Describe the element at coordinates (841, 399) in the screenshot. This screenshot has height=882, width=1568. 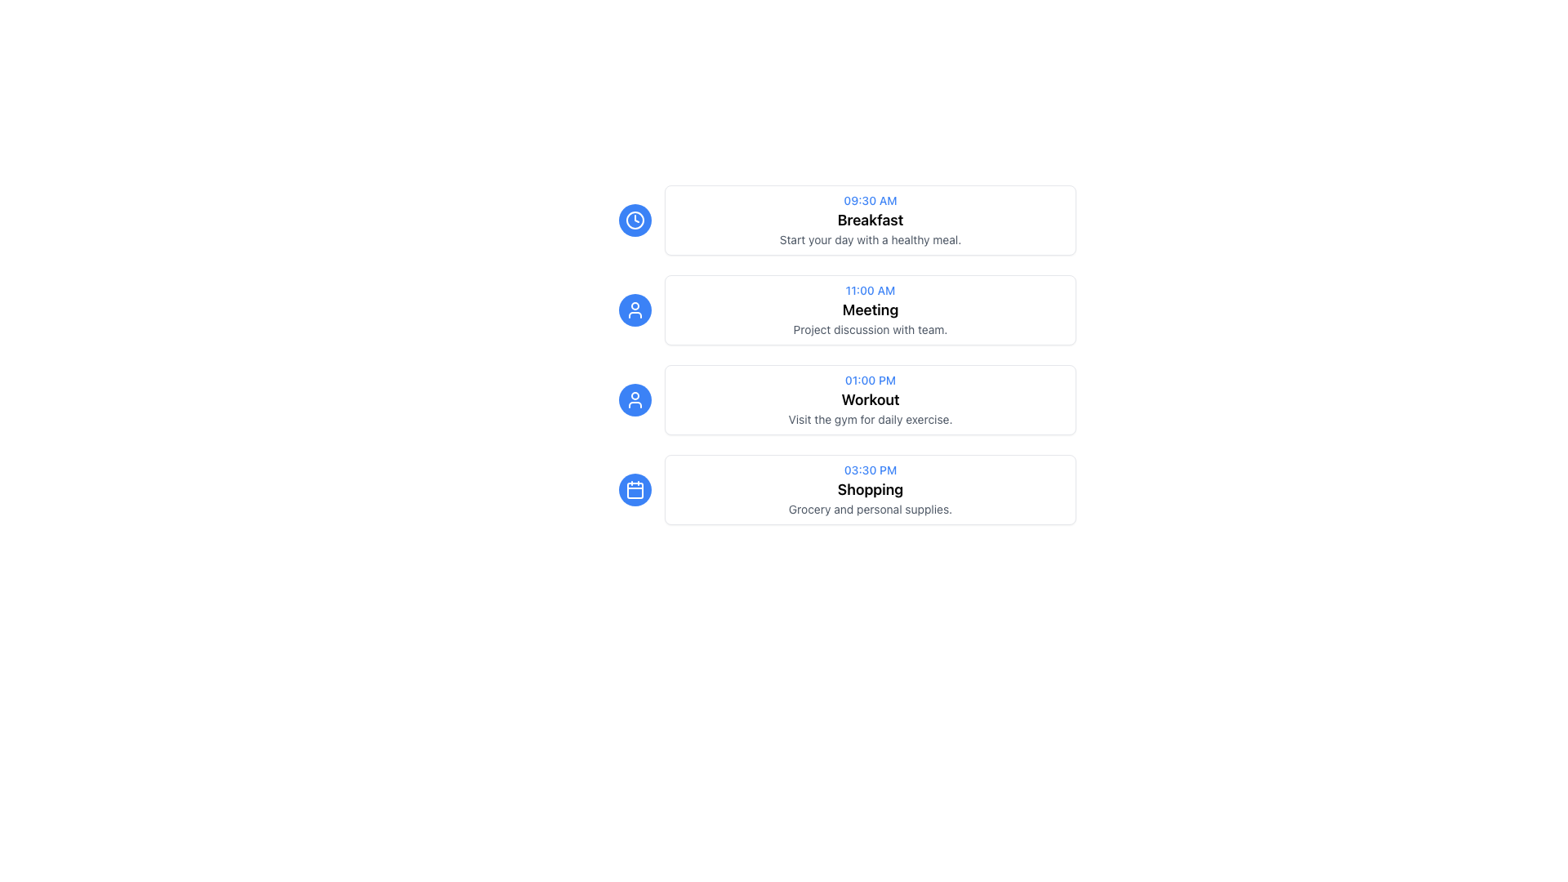
I see `the third Informational card displaying the scheduled event details, specifically the 'Workout at 01:00 PM'` at that location.